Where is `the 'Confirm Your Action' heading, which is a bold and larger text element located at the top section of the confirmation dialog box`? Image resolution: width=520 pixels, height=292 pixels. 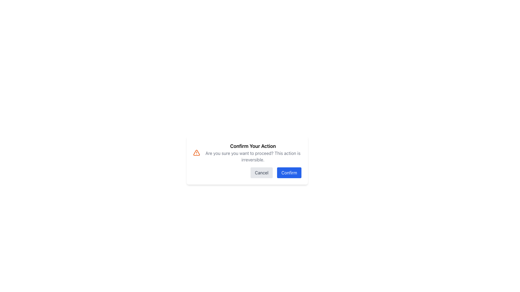
the 'Confirm Your Action' heading, which is a bold and larger text element located at the top section of the confirmation dialog box is located at coordinates (253, 146).